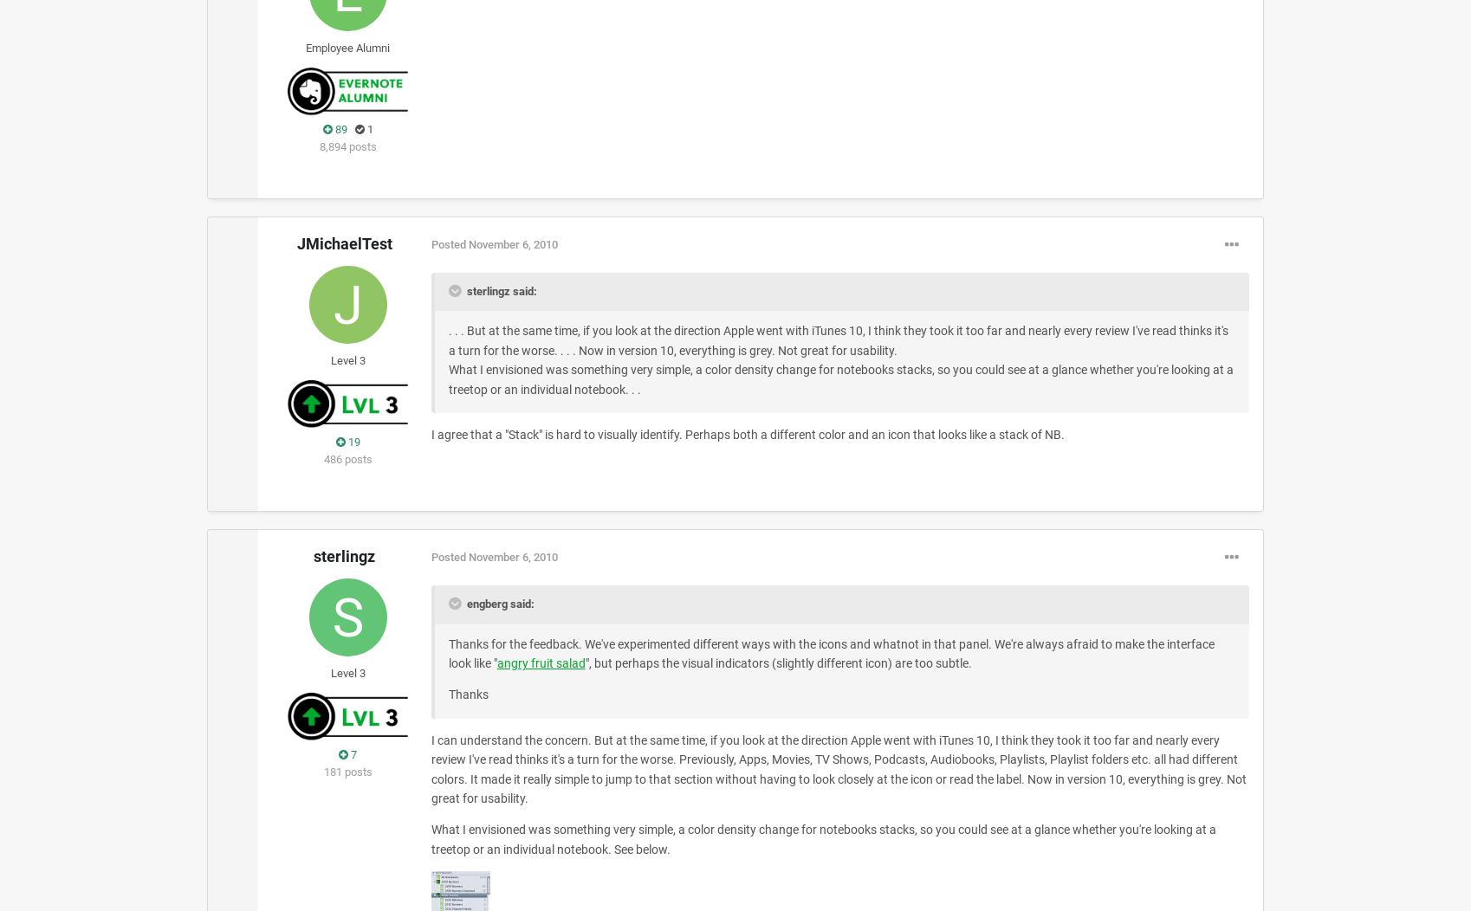 The height and width of the screenshot is (911, 1471). Describe the element at coordinates (448, 340) in the screenshot. I see `'. . . But at the same time, if you look at the direction Apple went with iTunes 10, I think they took it too far and nearly every review I've read thinks it's a turn for the worse.  . . . Now in version 10, everything is grey. Not great for usability.'` at that location.